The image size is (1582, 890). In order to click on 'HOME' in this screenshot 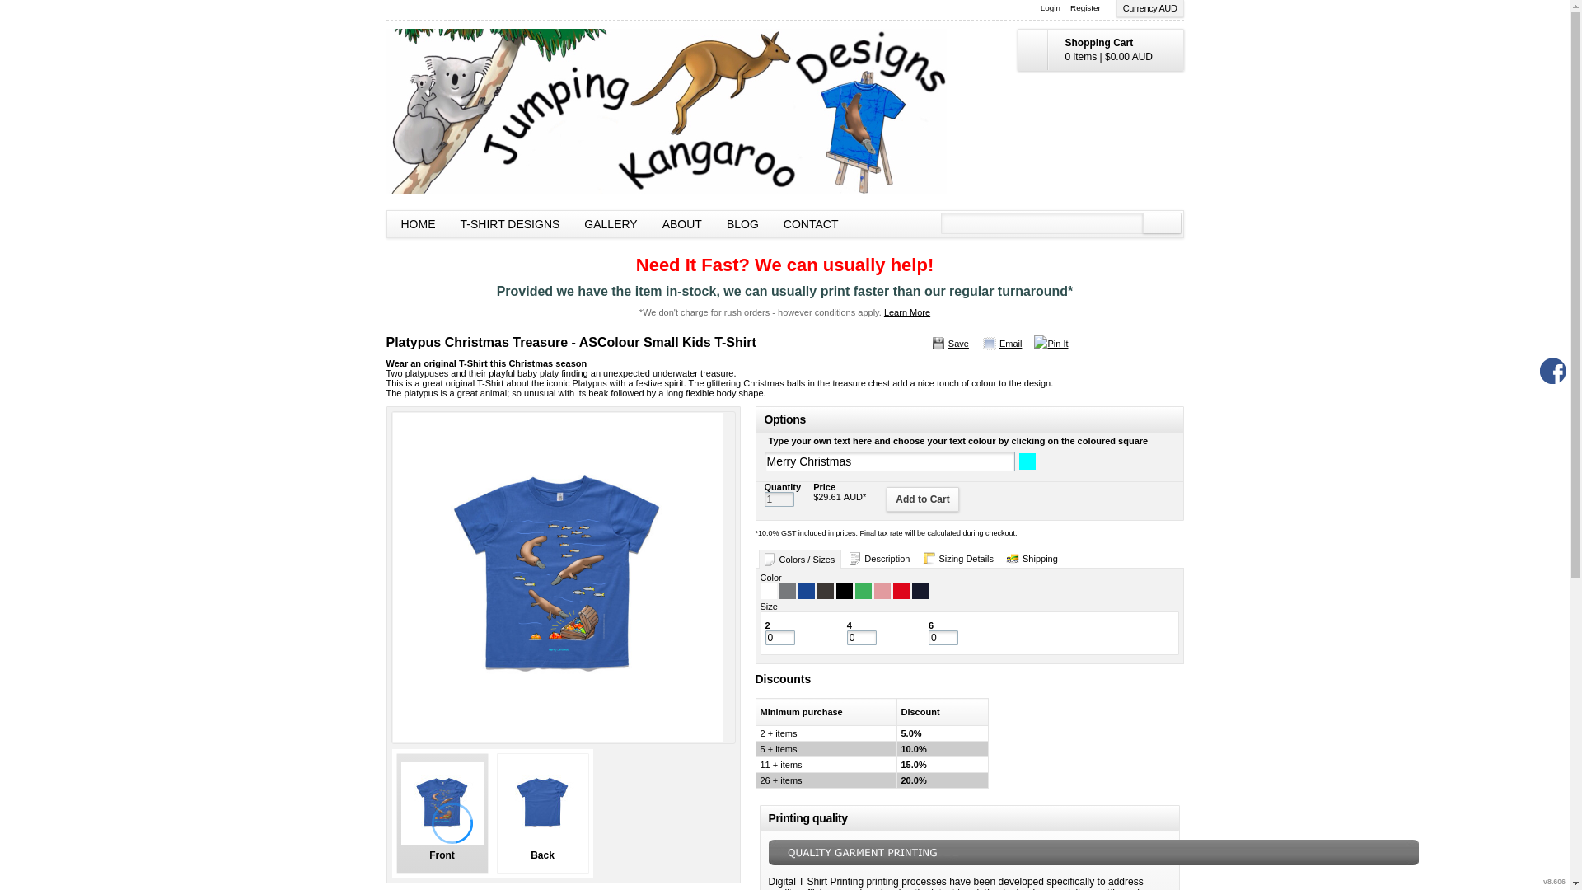, I will do `click(387, 224)`.